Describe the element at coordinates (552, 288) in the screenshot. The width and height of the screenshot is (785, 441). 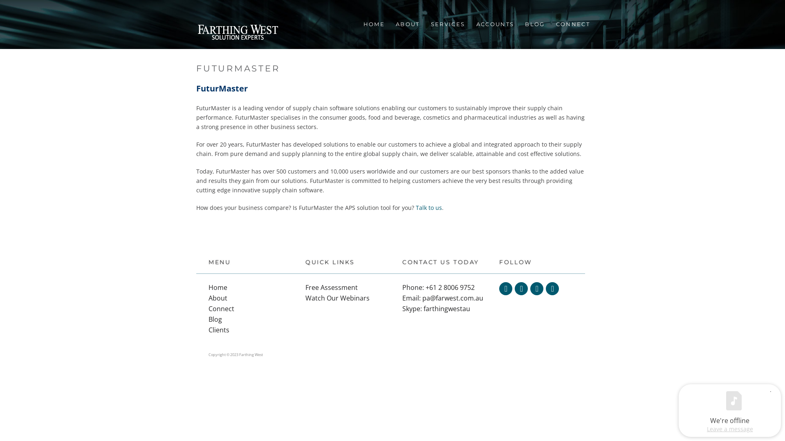
I see `'Youtube'` at that location.